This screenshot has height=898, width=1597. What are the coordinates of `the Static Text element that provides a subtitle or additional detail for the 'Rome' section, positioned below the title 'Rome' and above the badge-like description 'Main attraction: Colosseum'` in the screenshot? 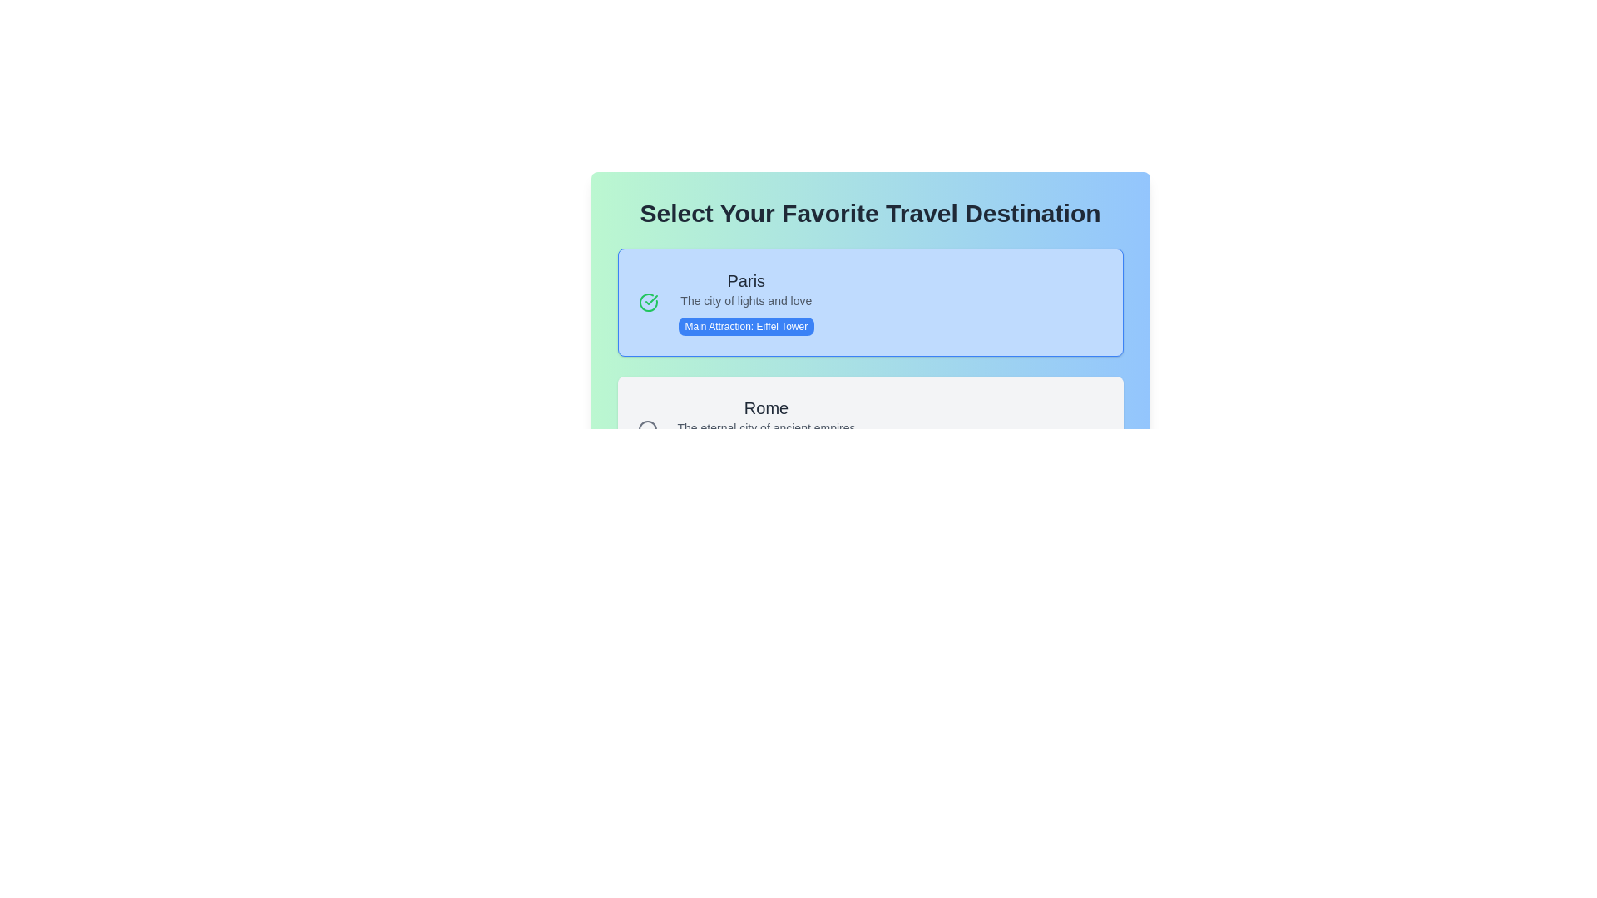 It's located at (765, 427).